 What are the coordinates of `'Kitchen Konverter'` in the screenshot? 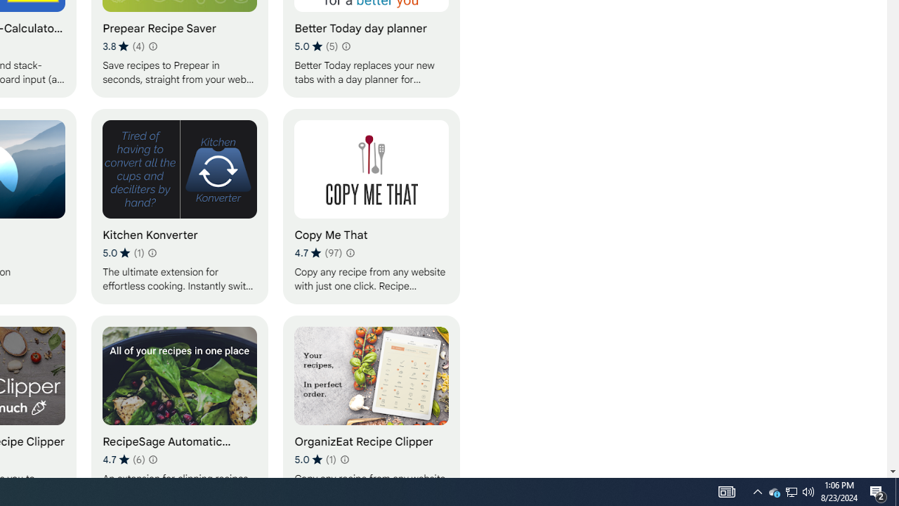 It's located at (179, 206).